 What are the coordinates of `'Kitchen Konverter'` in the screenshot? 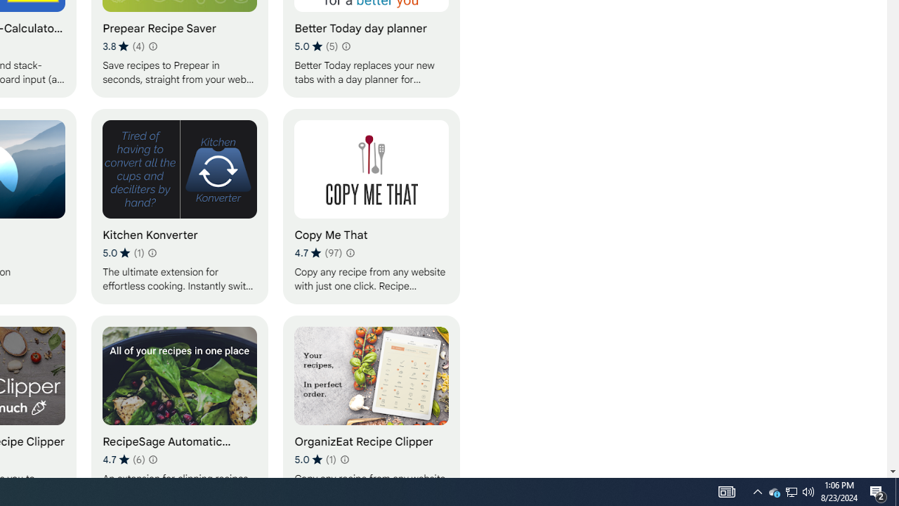 It's located at (179, 206).